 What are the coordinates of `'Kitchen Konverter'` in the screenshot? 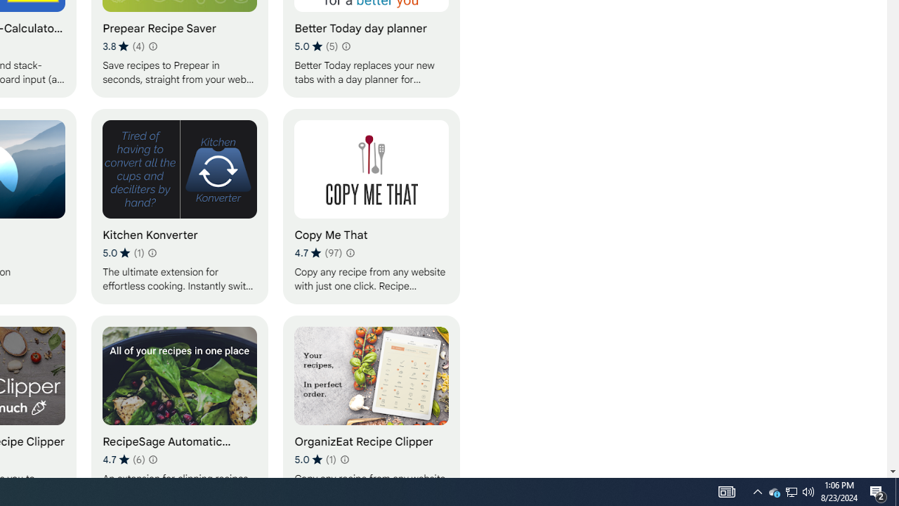 It's located at (179, 206).